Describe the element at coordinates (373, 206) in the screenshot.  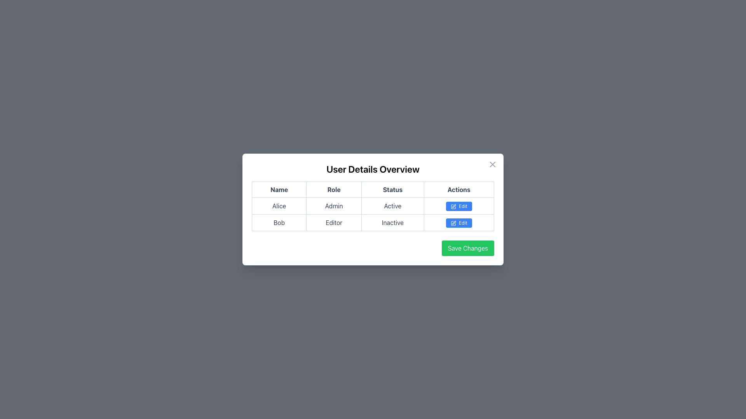
I see `the first table row in the 'User Details Overview' popup, which displays user details and has an 'Edit' button` at that location.